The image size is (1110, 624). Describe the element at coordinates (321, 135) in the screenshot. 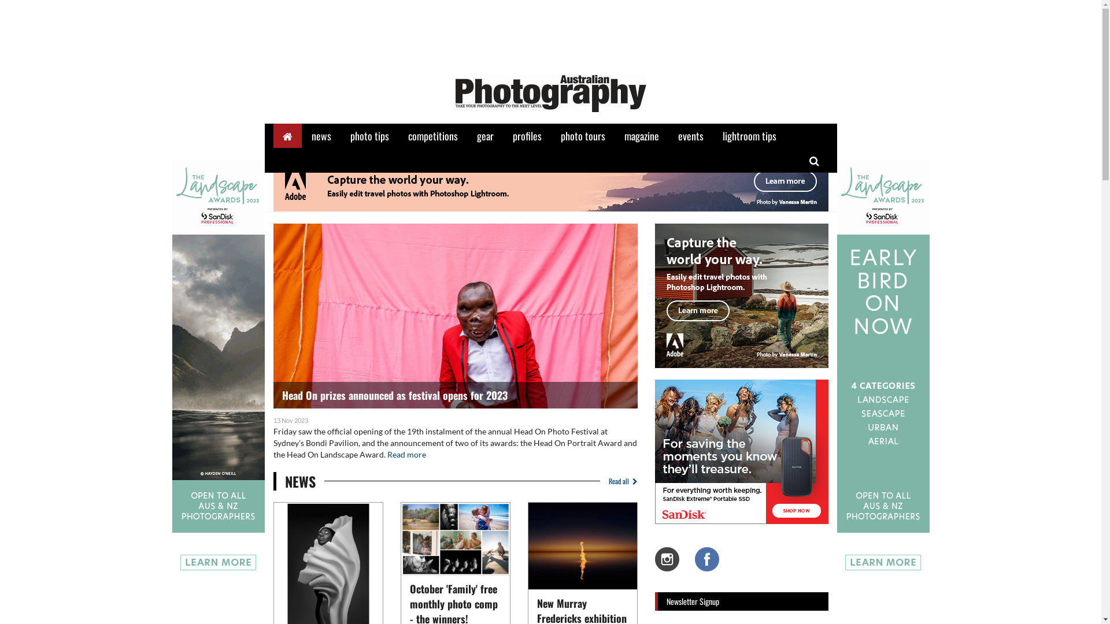

I see `'news'` at that location.